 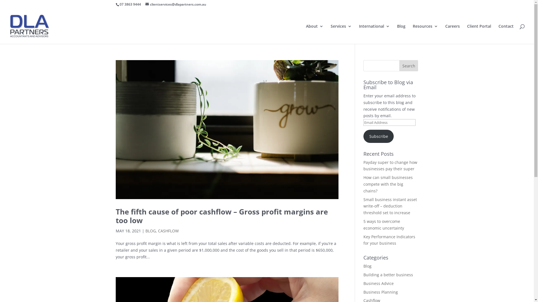 What do you see at coordinates (452, 34) in the screenshot?
I see `'Careers'` at bounding box center [452, 34].